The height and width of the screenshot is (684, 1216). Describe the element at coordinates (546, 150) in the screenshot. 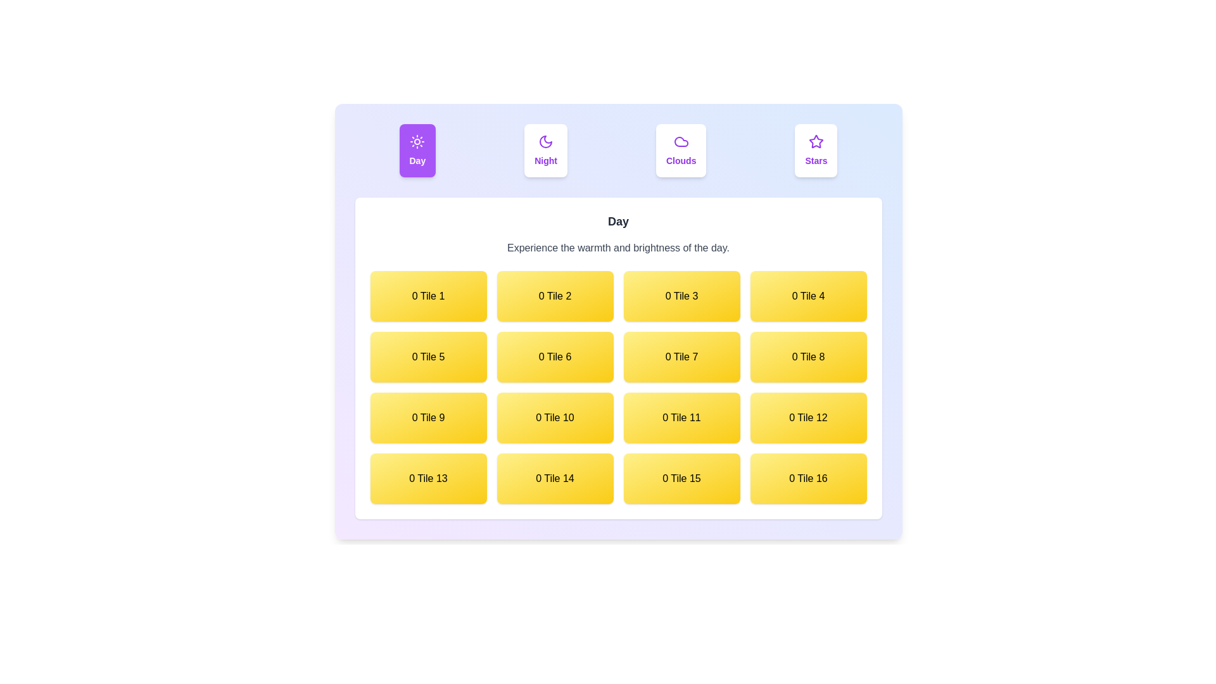

I see `the Night tab` at that location.